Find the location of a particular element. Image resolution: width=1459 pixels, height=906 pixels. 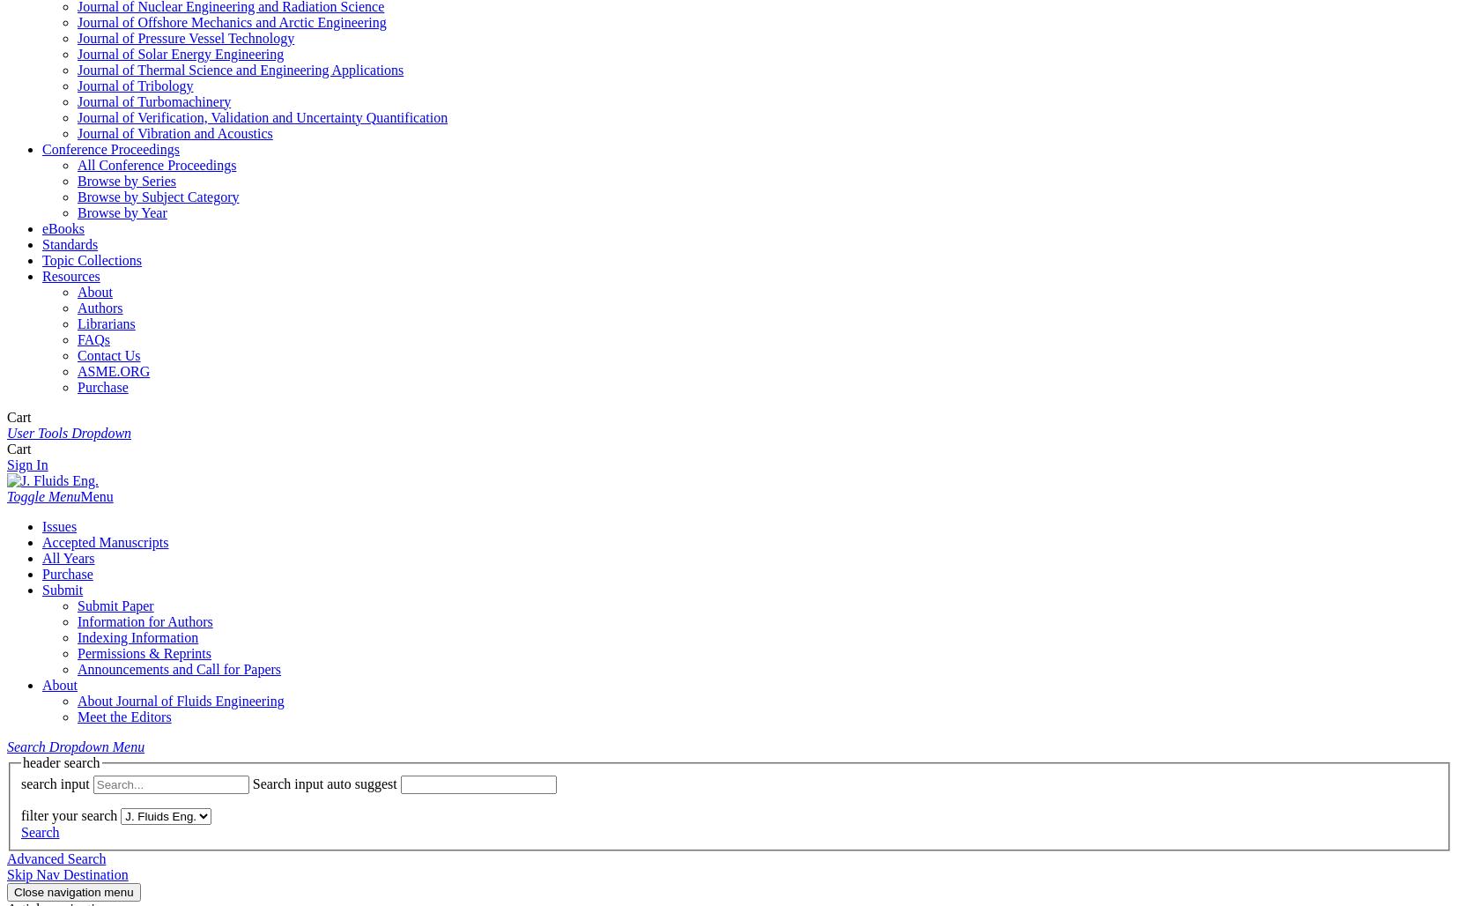

'Journal of Vibration and Acoustics' is located at coordinates (174, 132).